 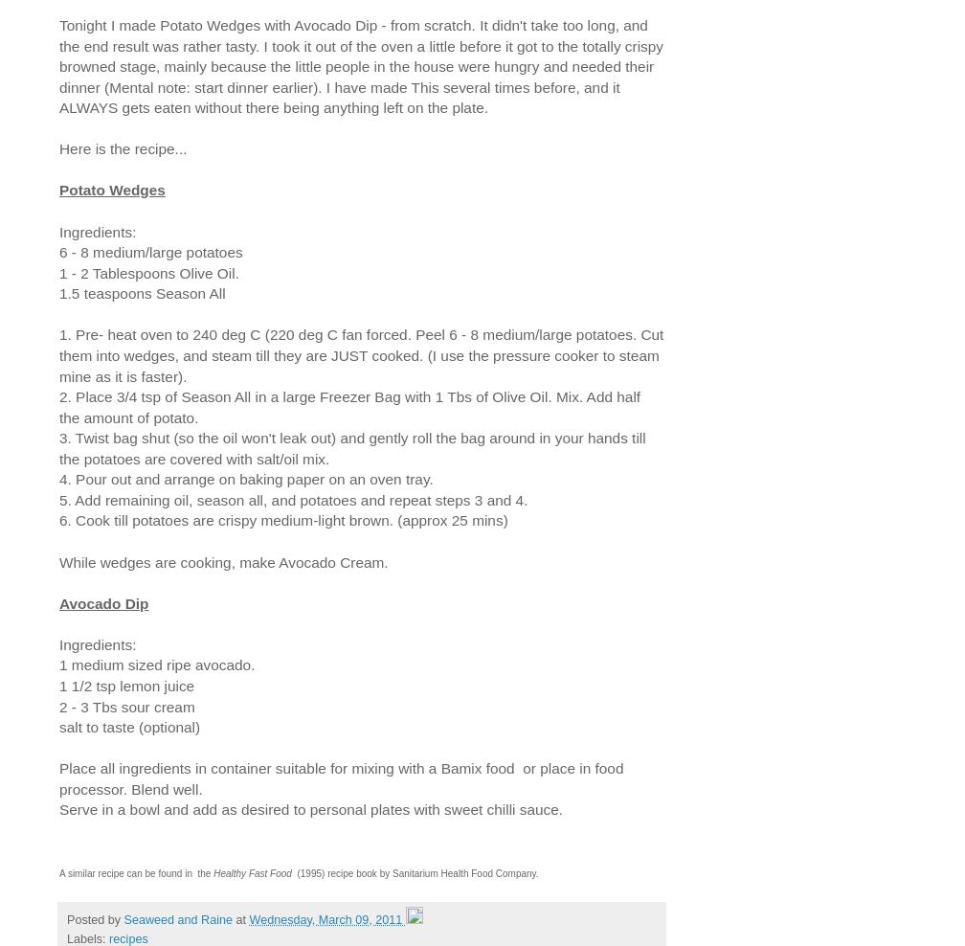 I want to click on 'Potato Wedges', so click(x=112, y=190).